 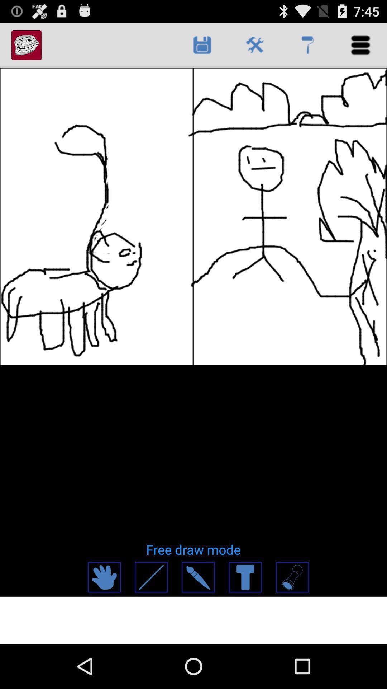 I want to click on choose drawing mode, so click(x=292, y=577).